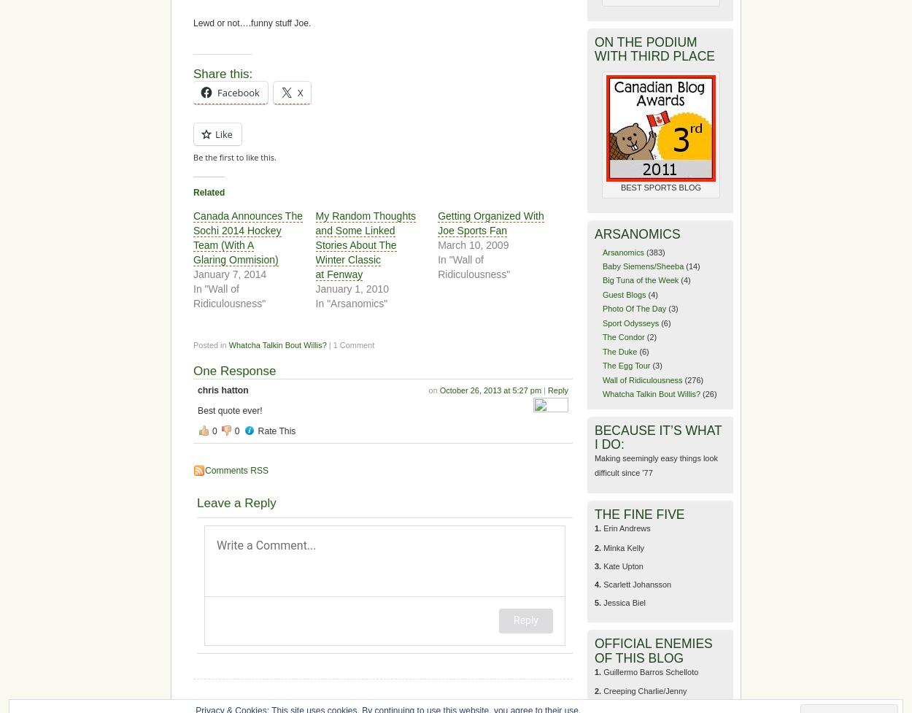 The height and width of the screenshot is (713, 912). What do you see at coordinates (635, 583) in the screenshot?
I see `'Scarlett Johansson'` at bounding box center [635, 583].